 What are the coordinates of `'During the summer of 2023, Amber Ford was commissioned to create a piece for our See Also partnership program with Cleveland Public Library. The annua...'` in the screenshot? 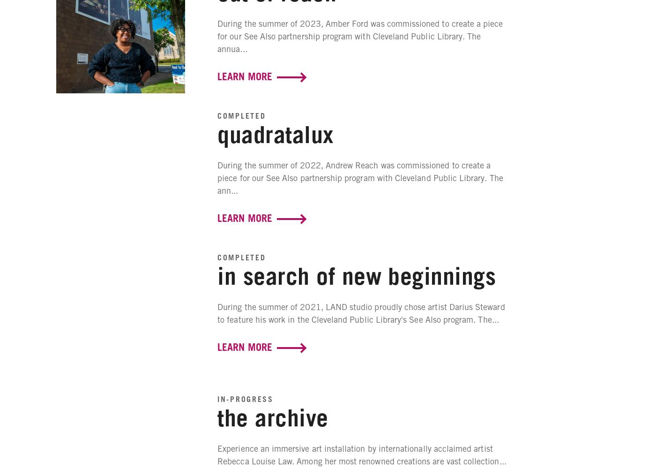 It's located at (360, 36).